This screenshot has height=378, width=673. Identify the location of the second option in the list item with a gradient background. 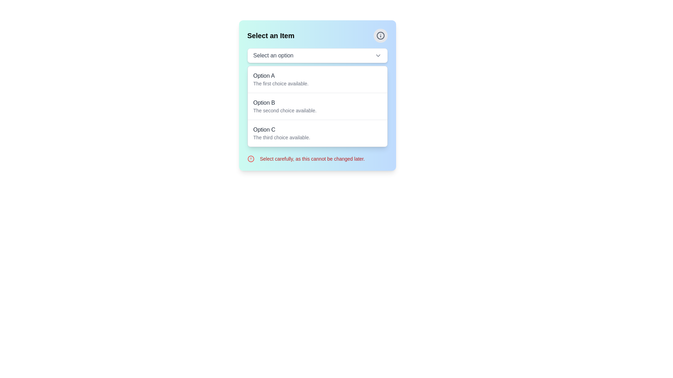
(317, 96).